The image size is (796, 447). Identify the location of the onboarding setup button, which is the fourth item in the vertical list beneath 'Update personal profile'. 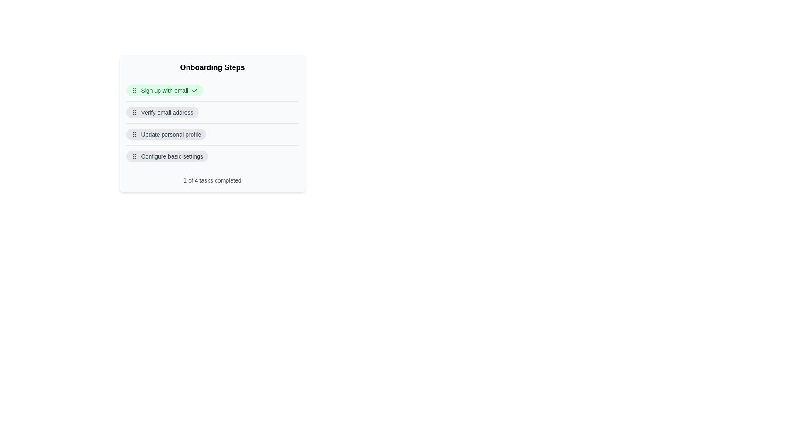
(167, 156).